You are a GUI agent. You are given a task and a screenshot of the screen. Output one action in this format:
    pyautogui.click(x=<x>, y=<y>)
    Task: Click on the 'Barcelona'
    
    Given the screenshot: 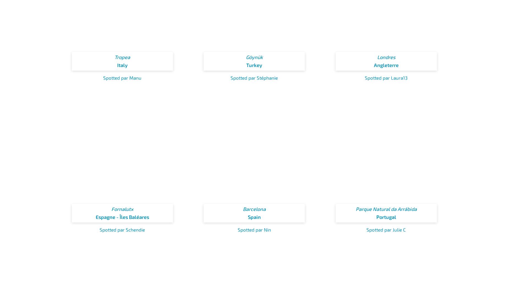 What is the action you would take?
    pyautogui.click(x=243, y=209)
    